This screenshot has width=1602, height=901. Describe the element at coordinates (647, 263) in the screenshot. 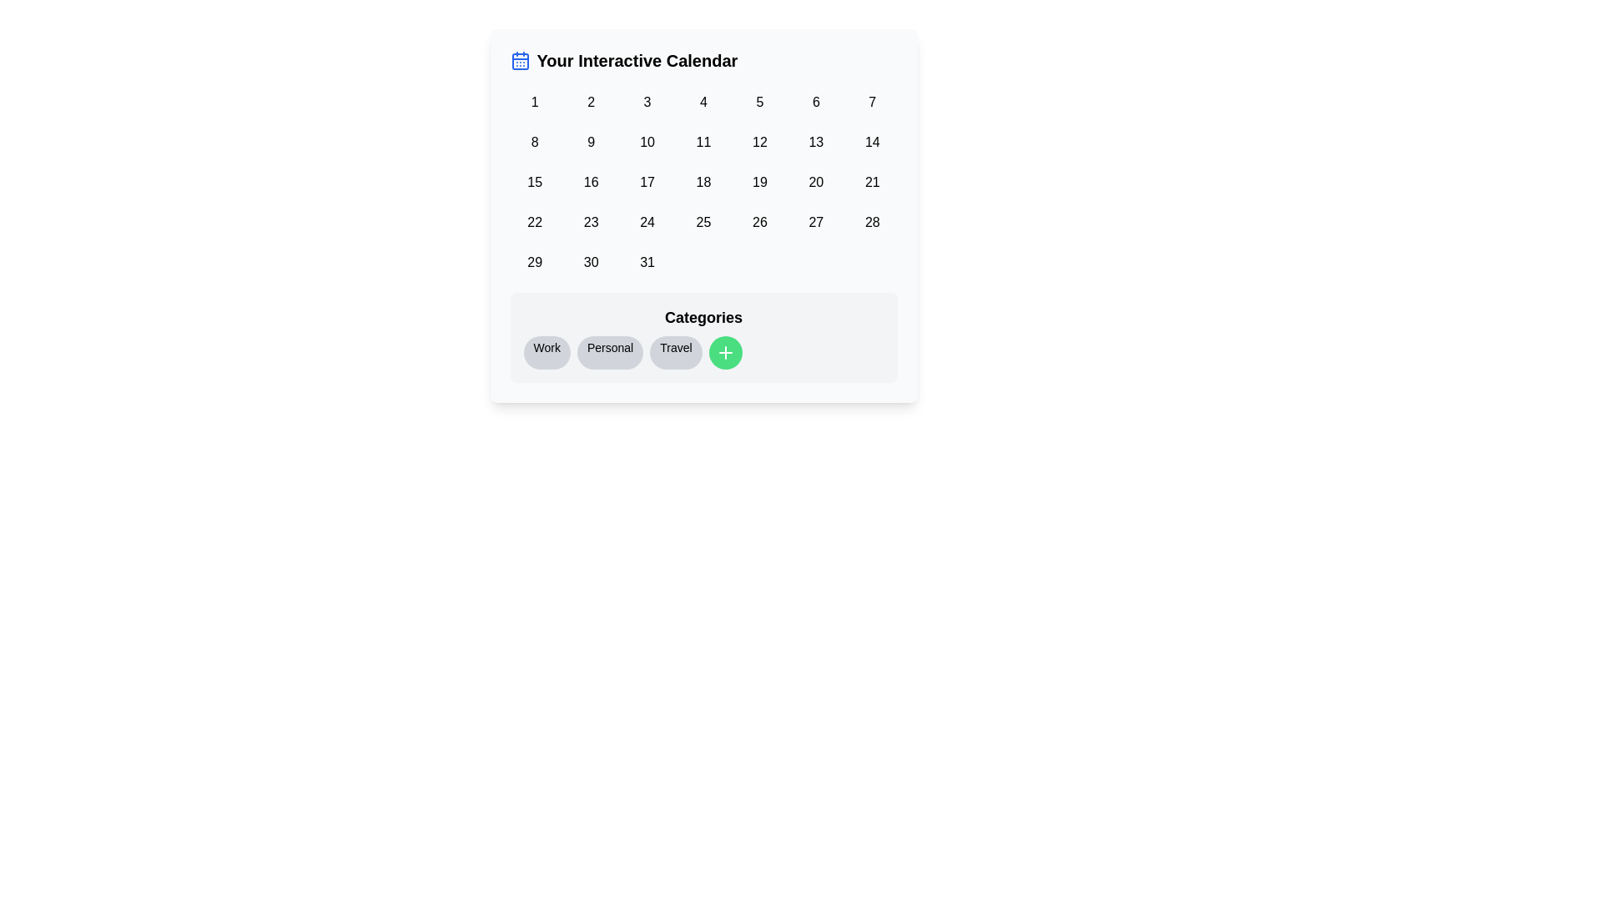

I see `the button representing the date '31' in the calendar interface` at that location.